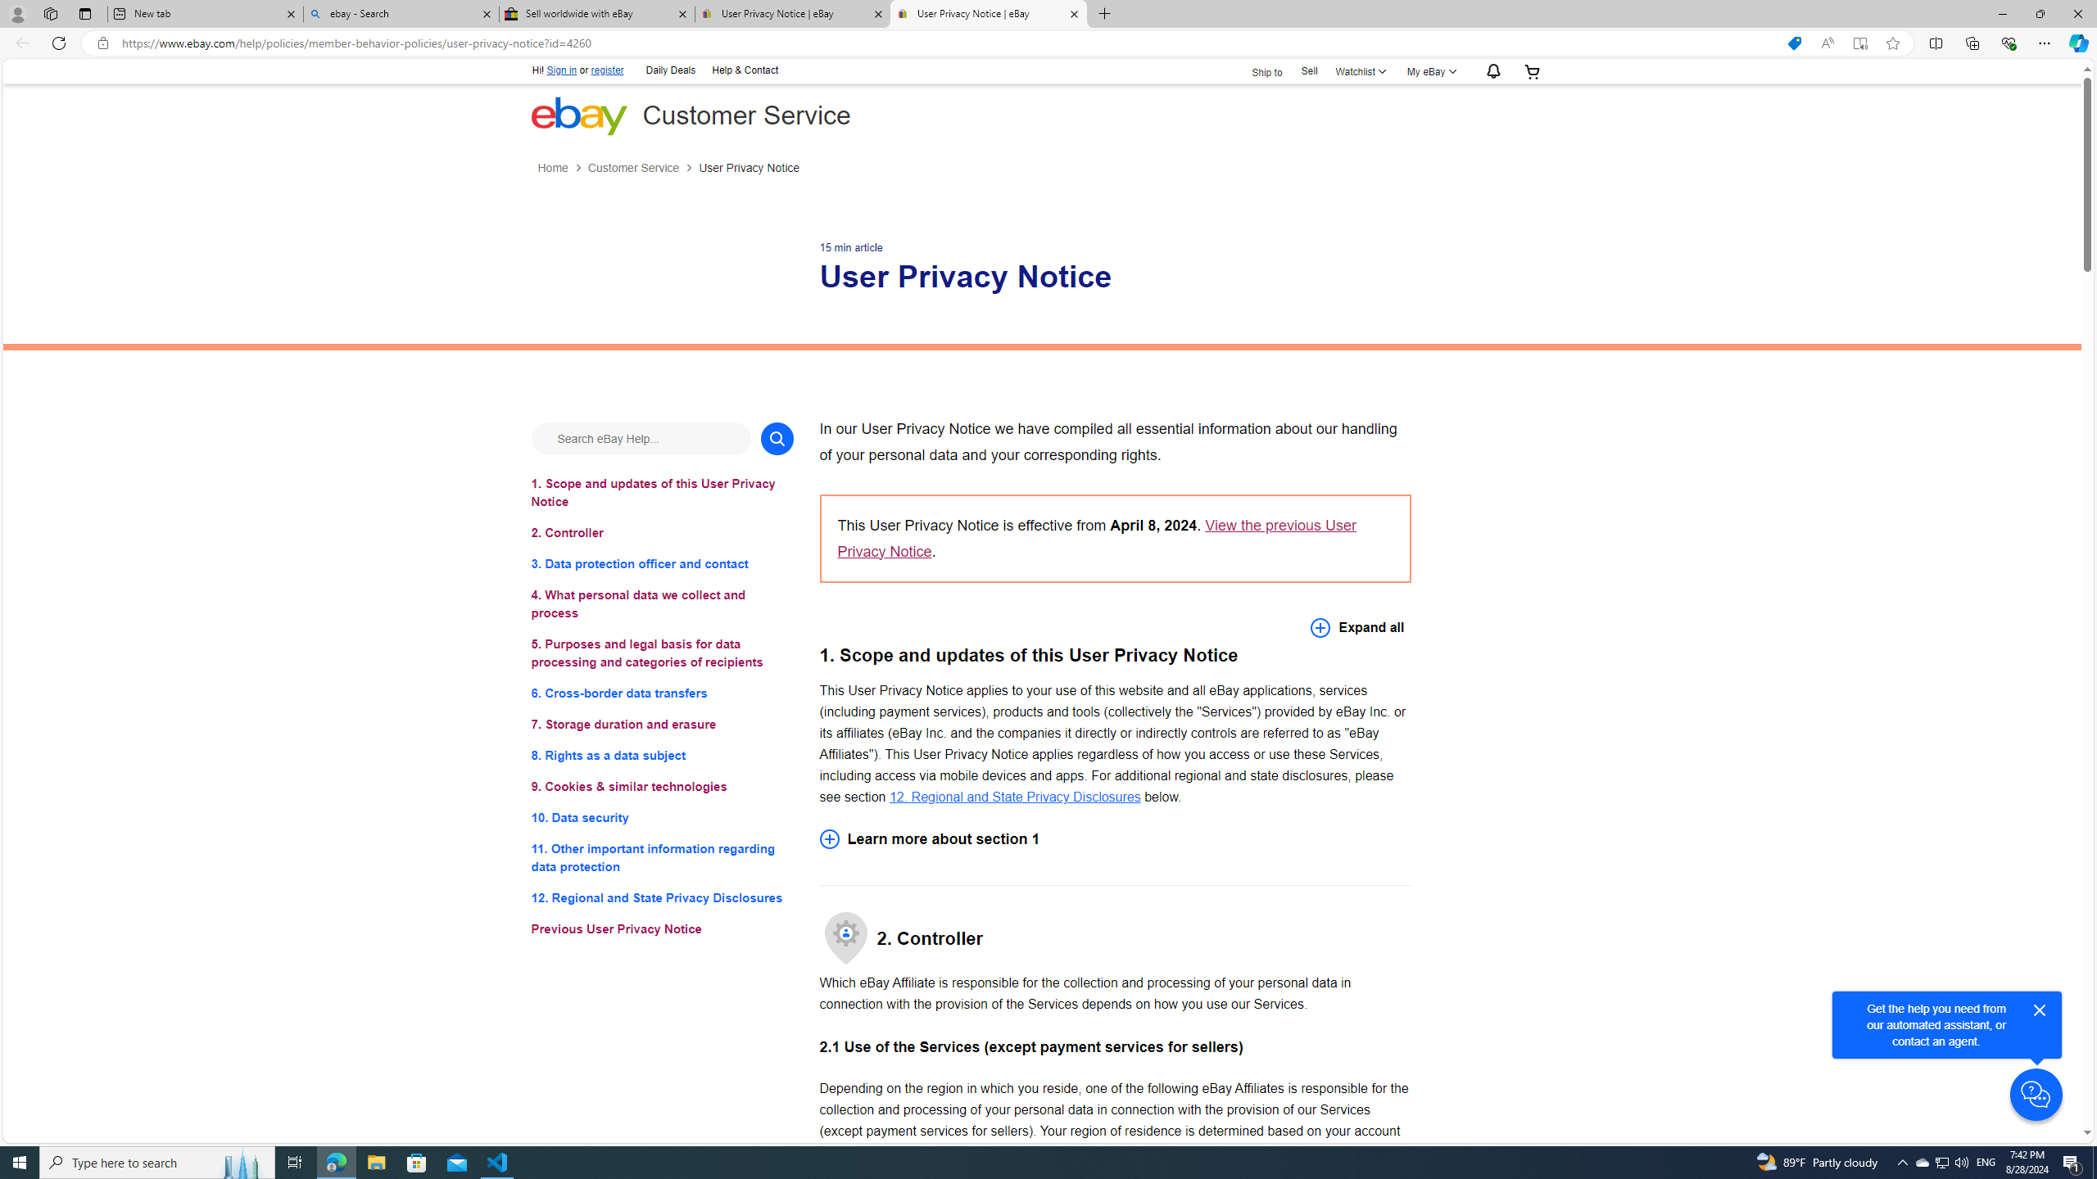 The height and width of the screenshot is (1179, 2097). Describe the element at coordinates (661, 858) in the screenshot. I see `'11. Other important information regarding data protection'` at that location.